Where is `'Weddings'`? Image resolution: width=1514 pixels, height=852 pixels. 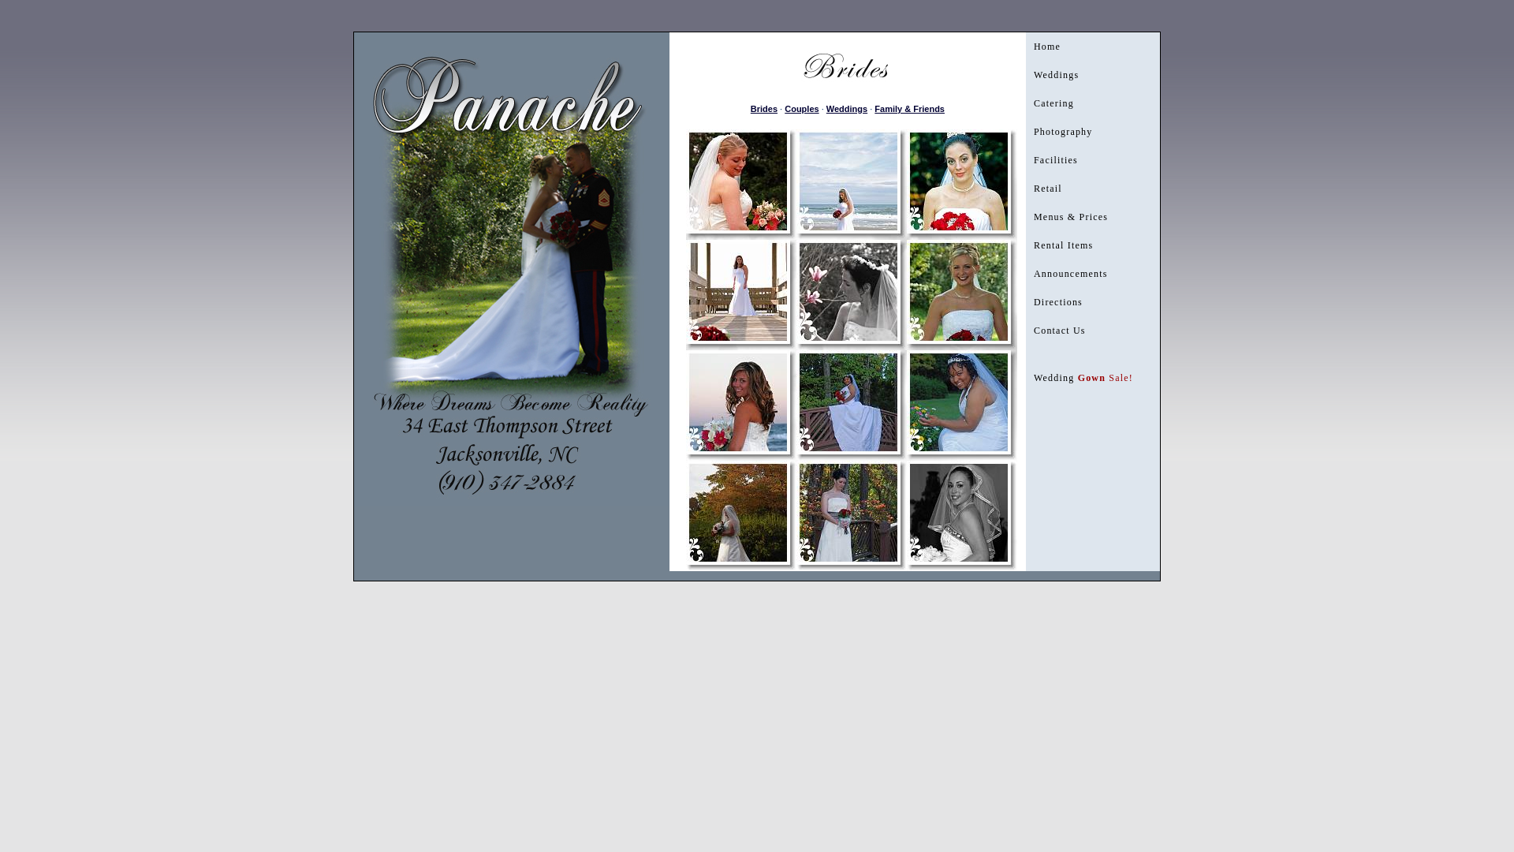
'Weddings' is located at coordinates (846, 108).